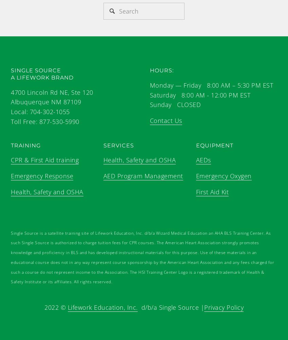  I want to click on 'Toll Free: 877-530-5990', so click(44, 121).